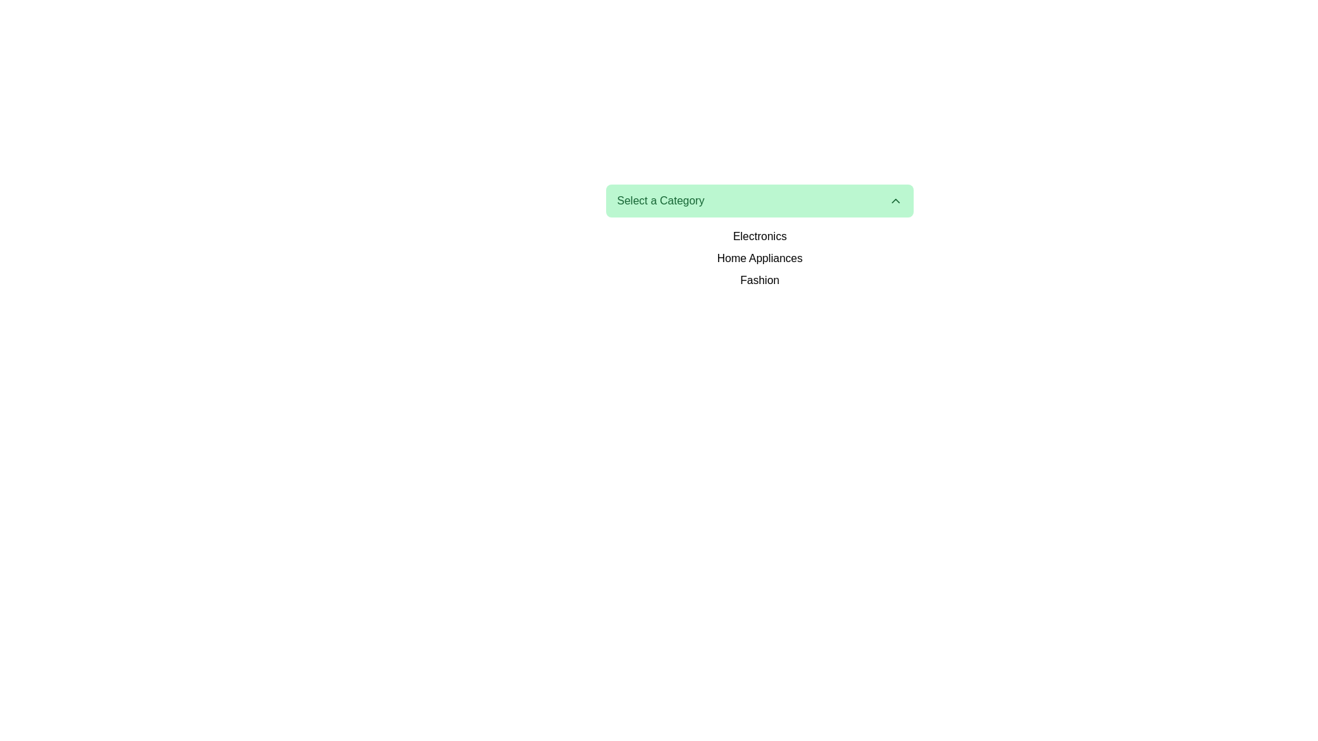  I want to click on the 'Fashion' text label, which is styled in black font and located below the 'Select a Category' dropdown menu, so click(759, 279).